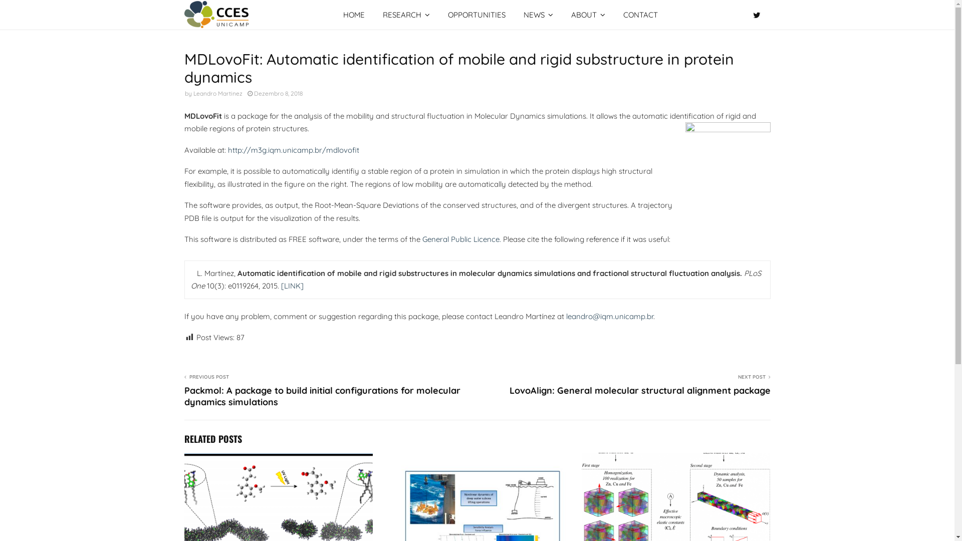 This screenshot has height=541, width=962. What do you see at coordinates (613, 15) in the screenshot?
I see `'CONTACT'` at bounding box center [613, 15].